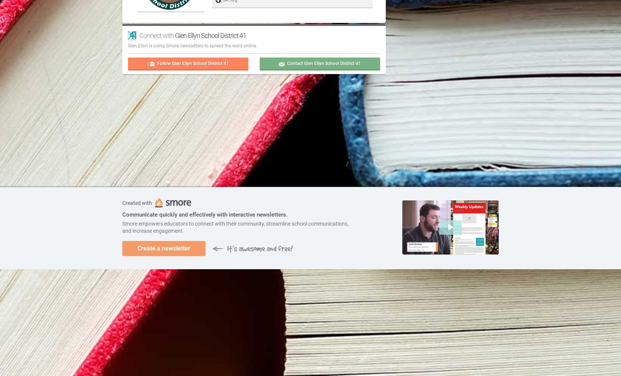 Image resolution: width=621 pixels, height=376 pixels. What do you see at coordinates (163, 248) in the screenshot?
I see `'Create a newsletter'` at bounding box center [163, 248].